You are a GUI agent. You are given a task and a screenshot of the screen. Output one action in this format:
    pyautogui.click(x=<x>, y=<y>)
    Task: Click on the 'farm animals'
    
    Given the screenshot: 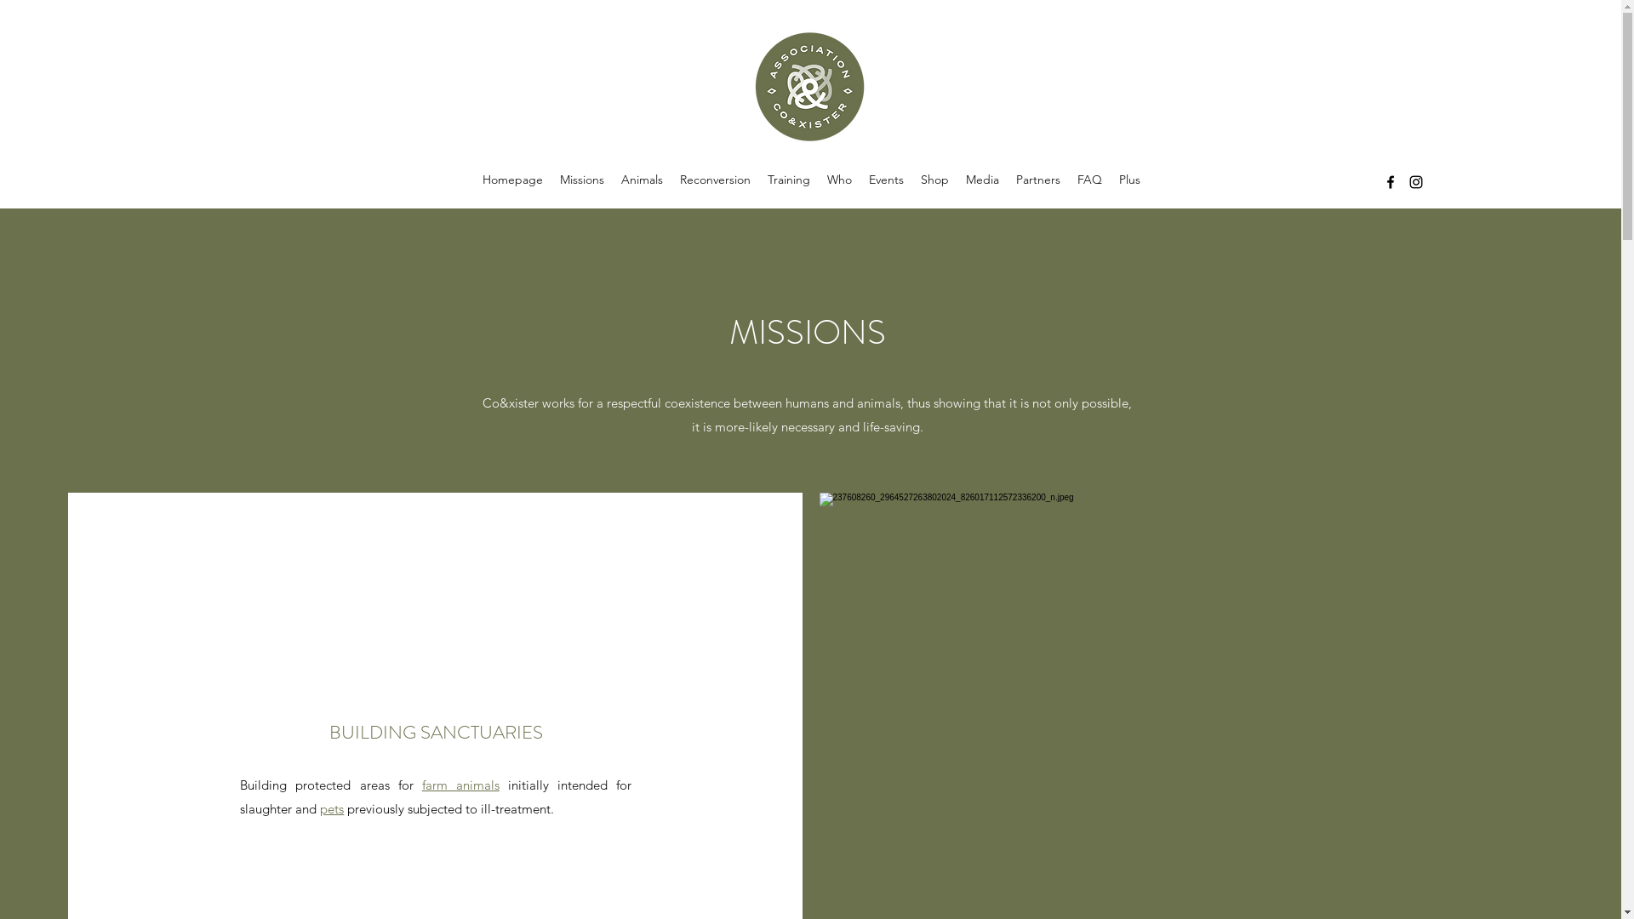 What is the action you would take?
    pyautogui.click(x=460, y=785)
    